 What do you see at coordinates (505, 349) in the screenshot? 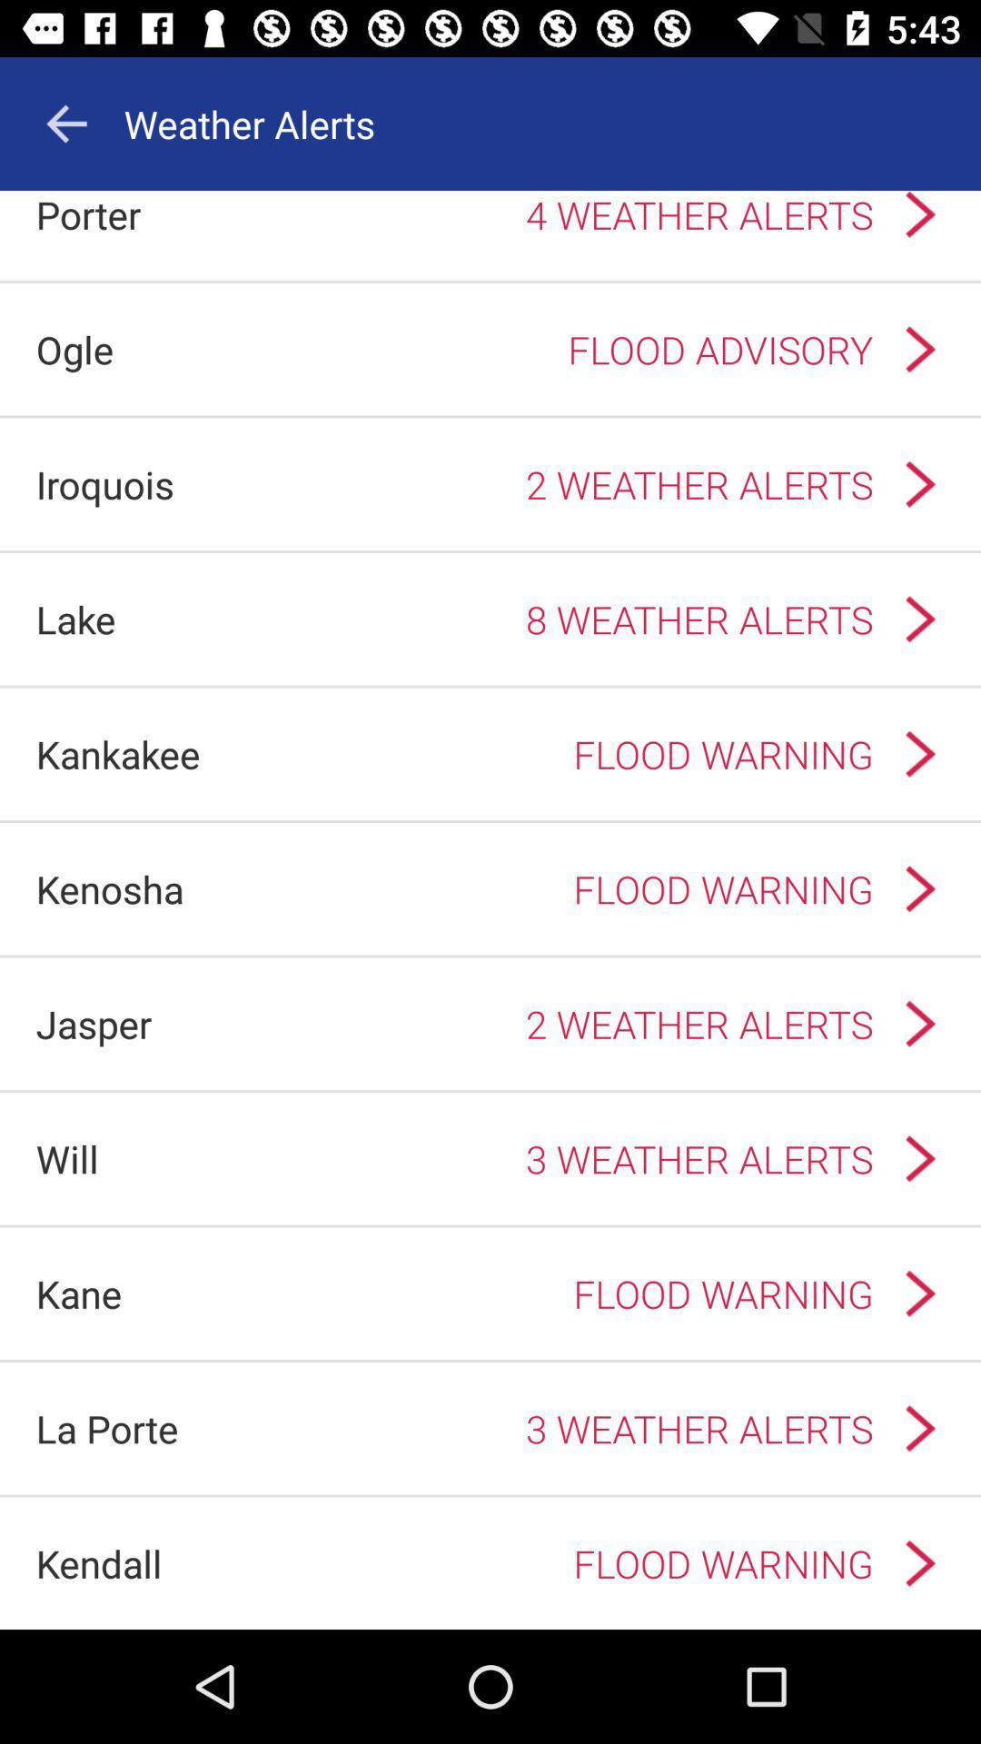
I see `flood advisory app` at bounding box center [505, 349].